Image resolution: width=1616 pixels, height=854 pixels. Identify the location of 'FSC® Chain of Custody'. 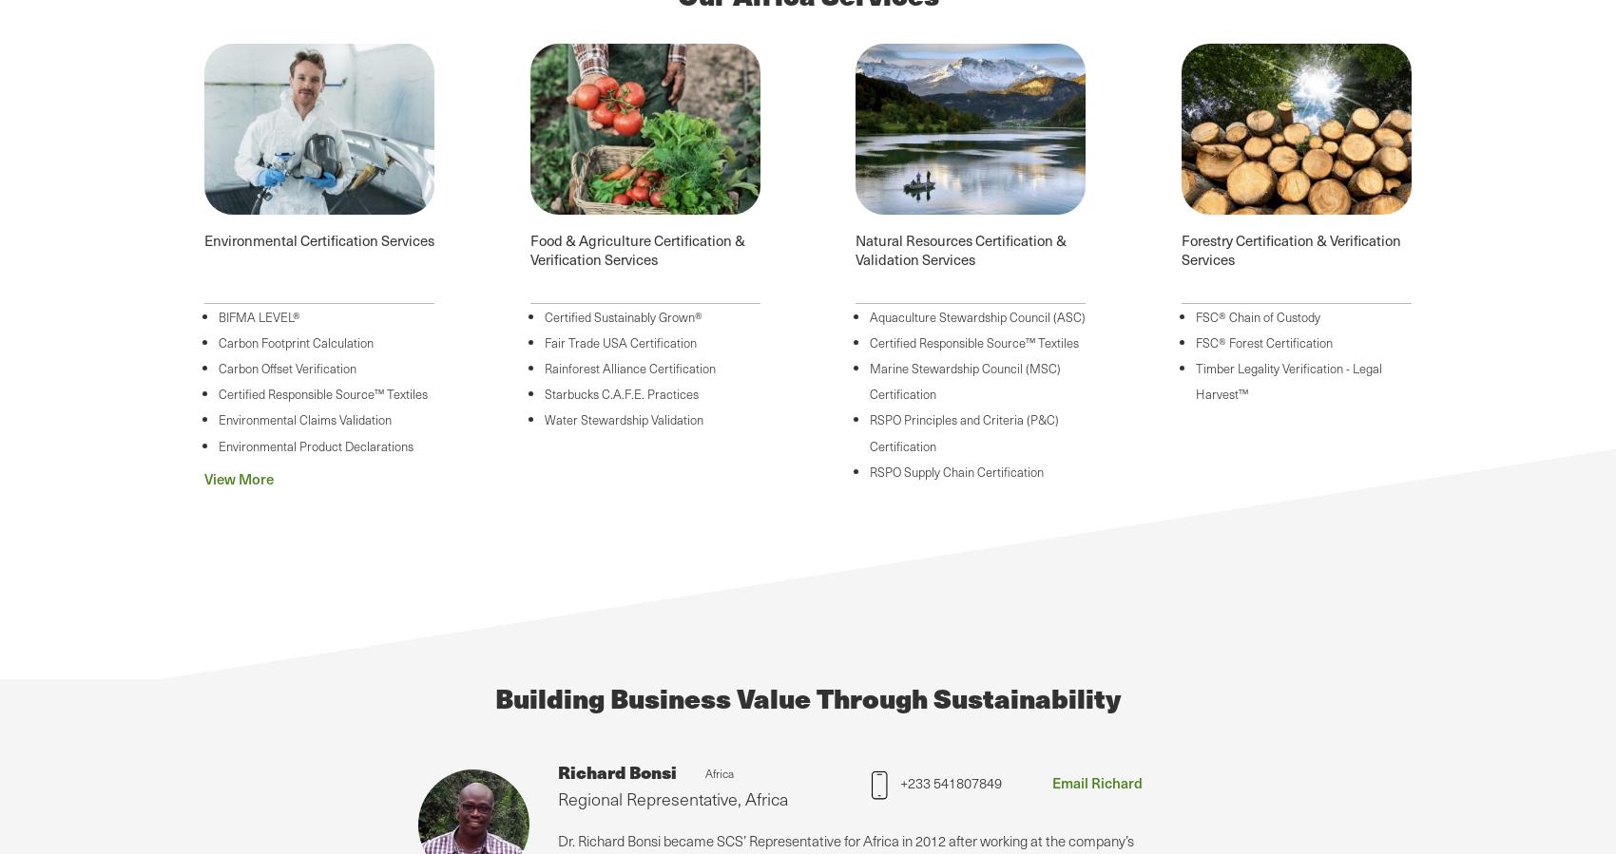
(1193, 314).